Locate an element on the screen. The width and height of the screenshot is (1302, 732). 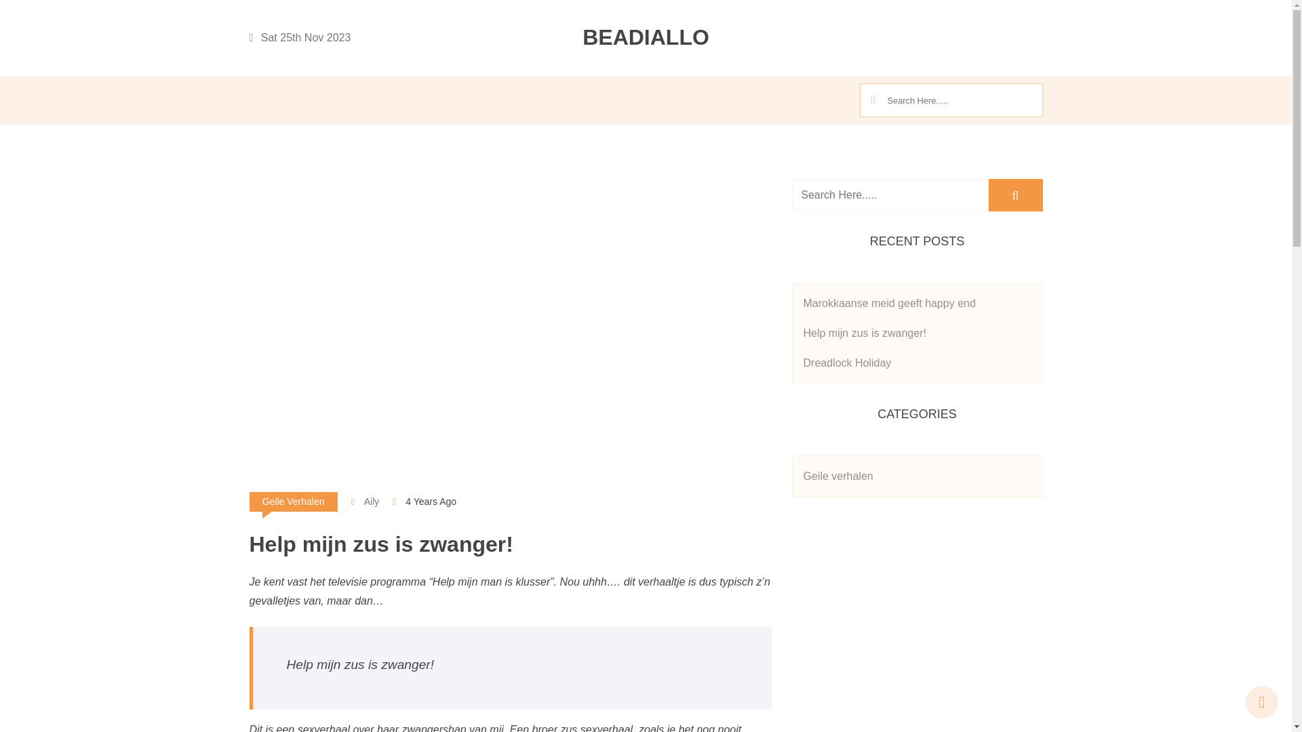
'Geile Verhalen' is located at coordinates (292, 502).